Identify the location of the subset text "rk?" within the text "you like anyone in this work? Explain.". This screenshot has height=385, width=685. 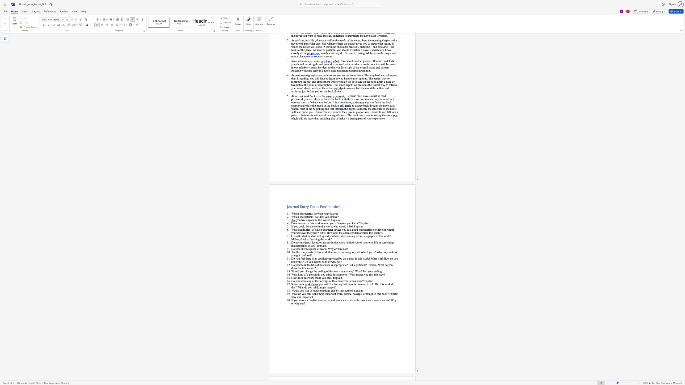
(326, 219).